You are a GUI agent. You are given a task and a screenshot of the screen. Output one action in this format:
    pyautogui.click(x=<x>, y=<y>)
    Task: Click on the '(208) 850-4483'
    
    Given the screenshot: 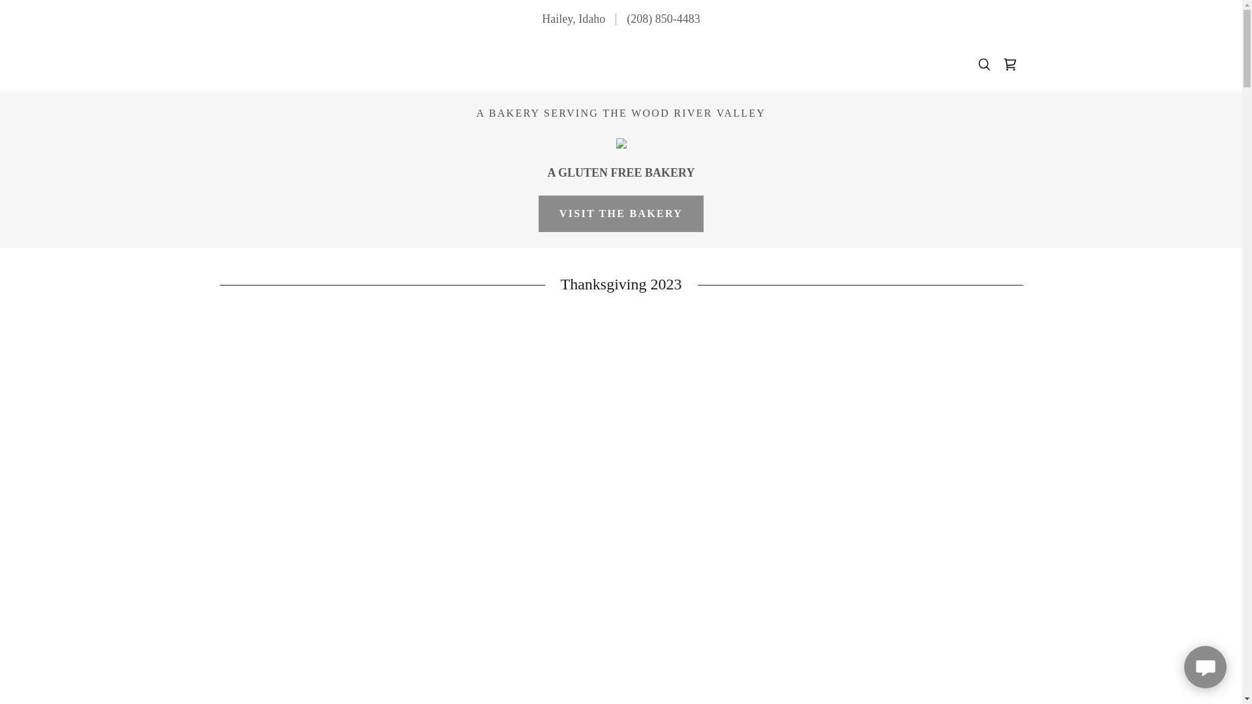 What is the action you would take?
    pyautogui.click(x=663, y=19)
    